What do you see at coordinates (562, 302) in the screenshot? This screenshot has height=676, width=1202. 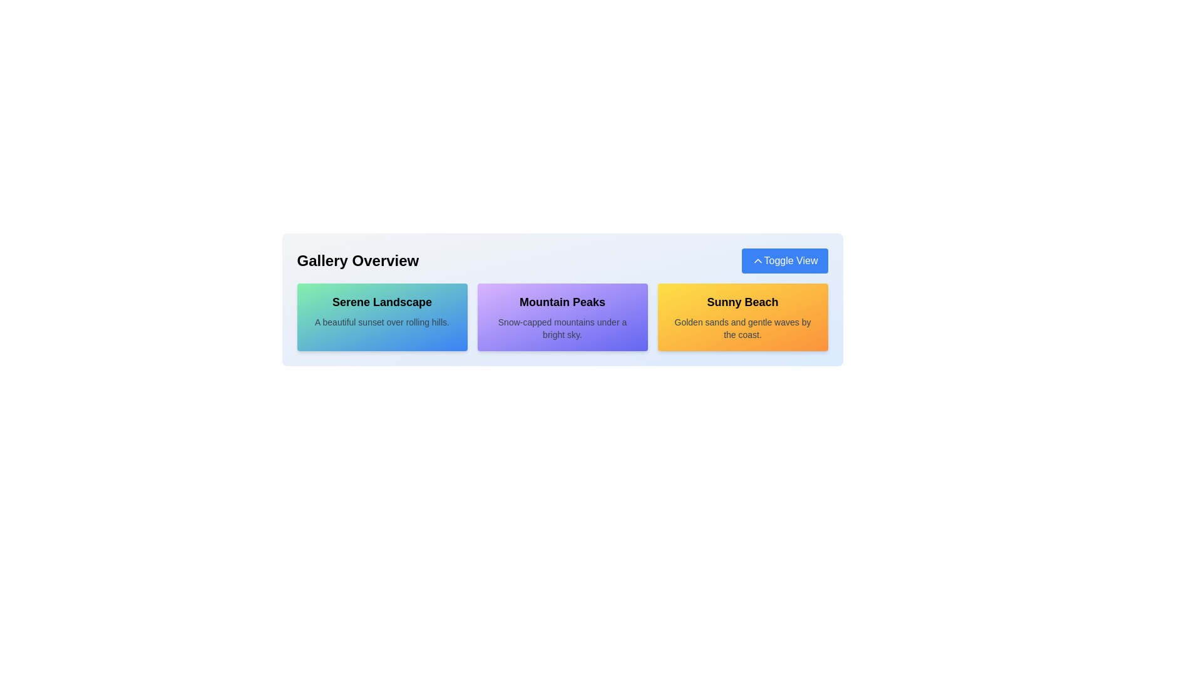 I see `the content of the text label reading 'Mountain Peaks', which is prominently displayed in bold, large font at the upper part of its containing card` at bounding box center [562, 302].